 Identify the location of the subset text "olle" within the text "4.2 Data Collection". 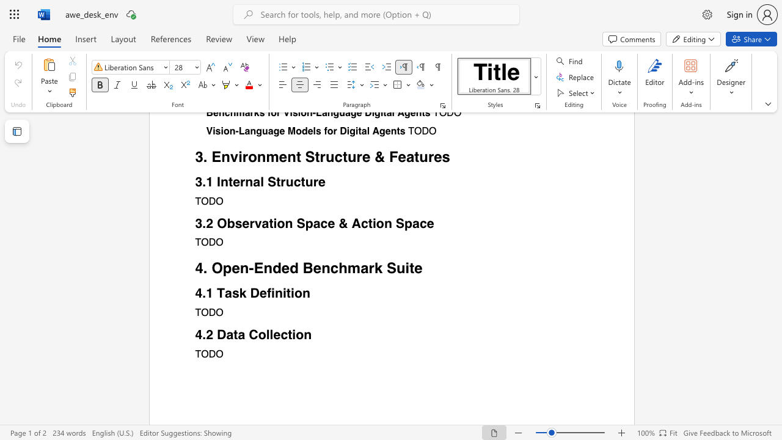
(257, 334).